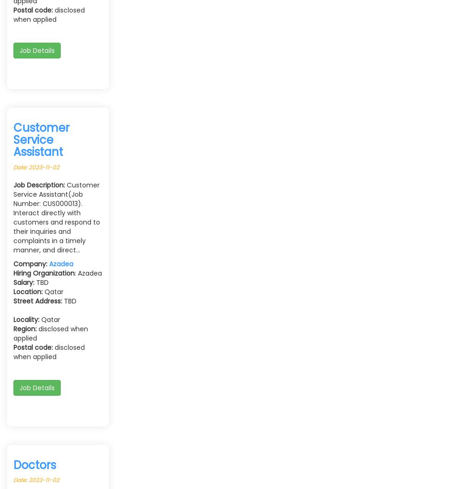 Image resolution: width=459 pixels, height=489 pixels. I want to click on 'Job Description:', so click(39, 184).